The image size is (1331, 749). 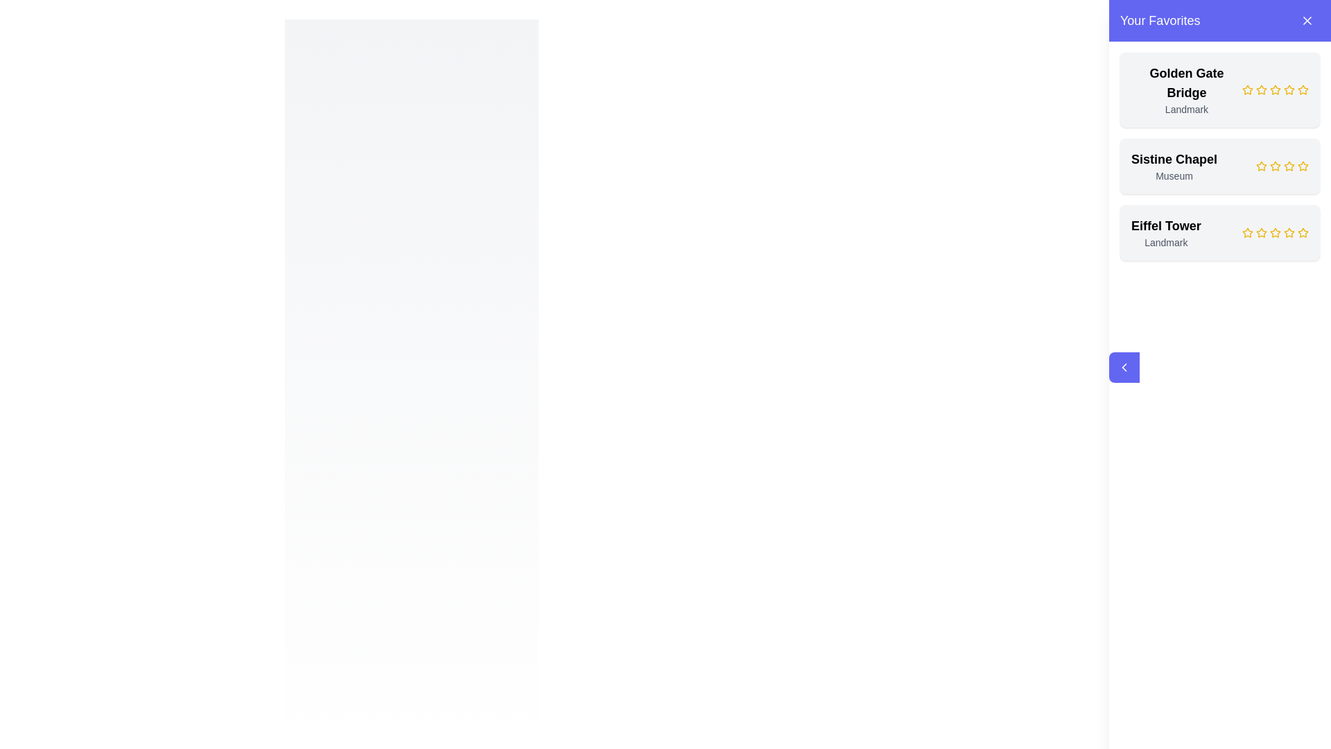 What do you see at coordinates (1303, 232) in the screenshot?
I see `the fifth star icon in the rating system for the 'Eiffel Tower' card` at bounding box center [1303, 232].